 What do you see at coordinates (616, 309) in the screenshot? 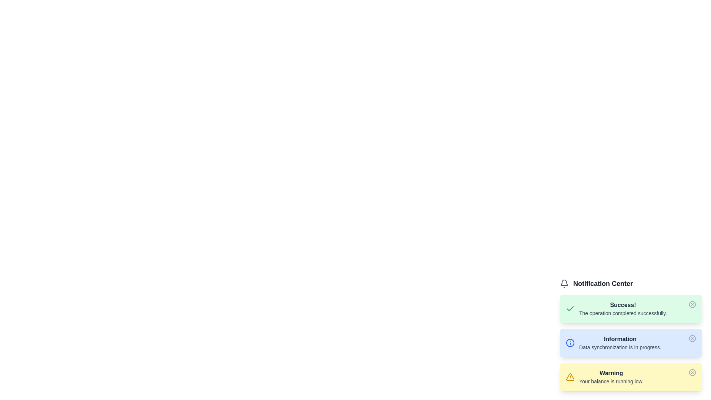
I see `message from the Alert notification located at the topmost position of the notification list under 'Notification Center', which is contained within a green box with rounded corners` at bounding box center [616, 309].